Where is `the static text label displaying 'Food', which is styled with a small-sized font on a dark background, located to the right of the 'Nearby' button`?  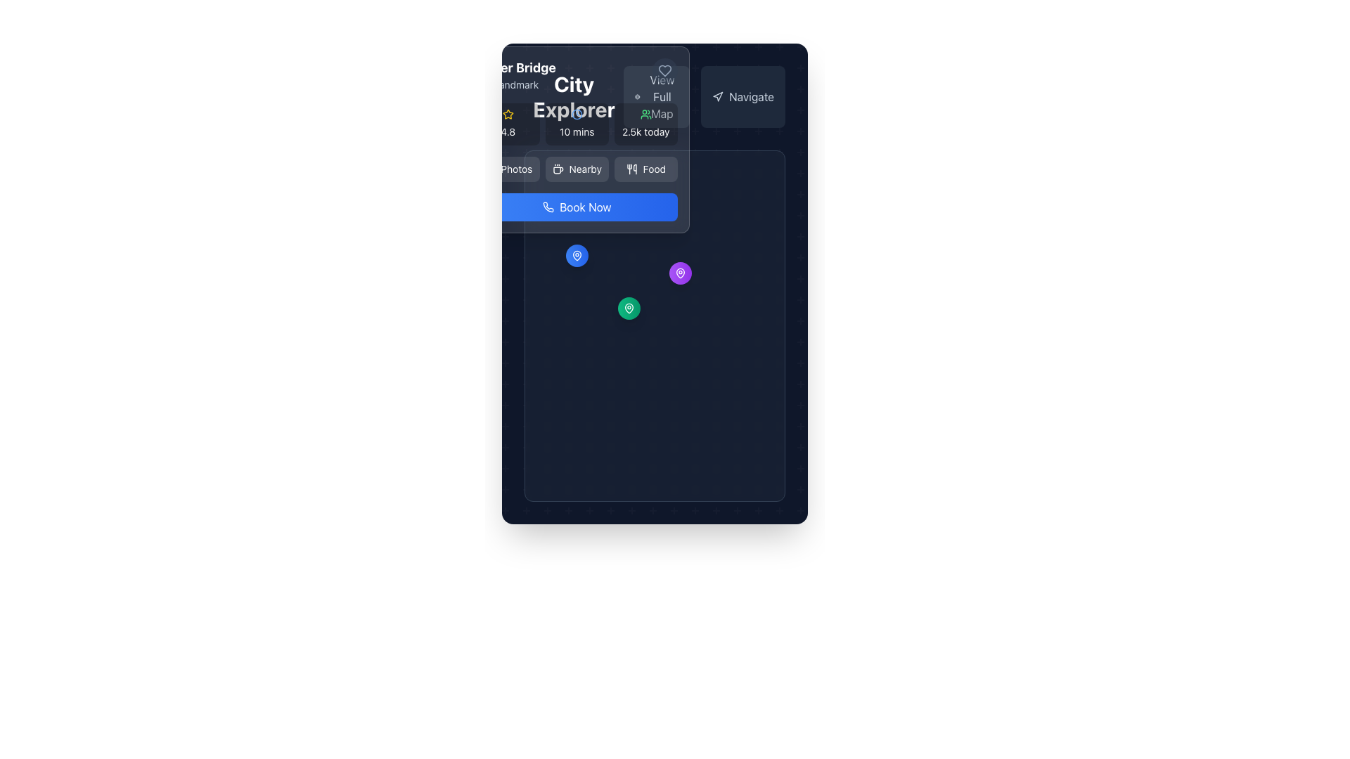
the static text label displaying 'Food', which is styled with a small-sized font on a dark background, located to the right of the 'Nearby' button is located at coordinates (653, 169).